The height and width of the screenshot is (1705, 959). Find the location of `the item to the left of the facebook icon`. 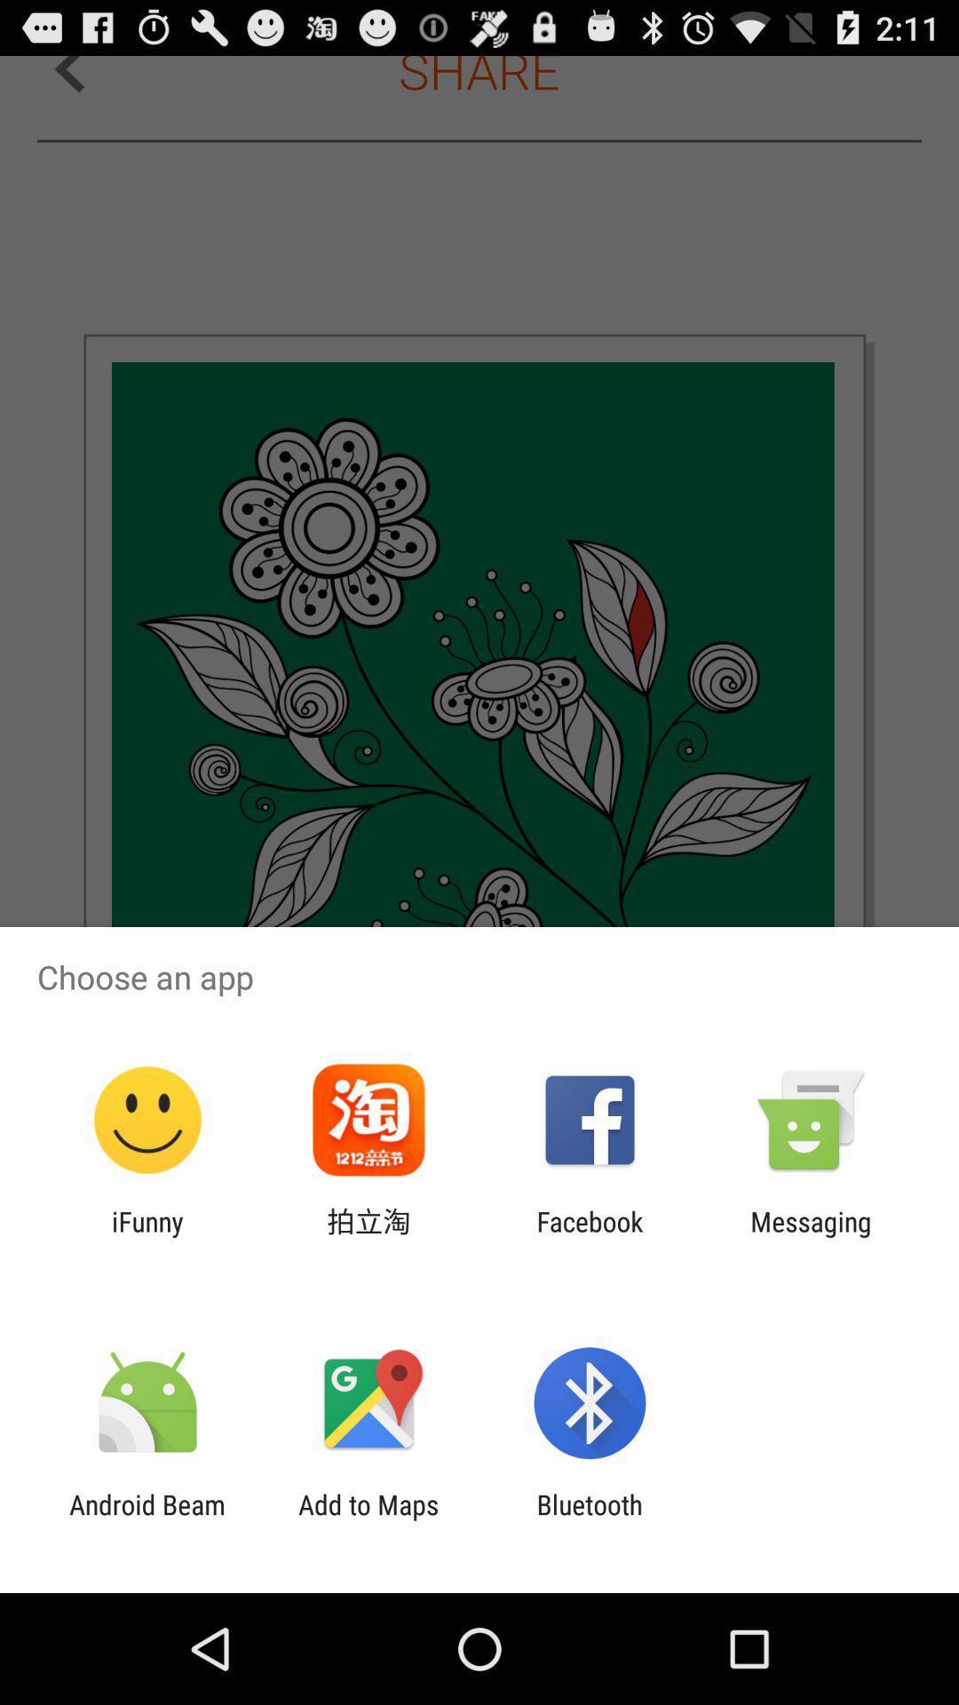

the item to the left of the facebook icon is located at coordinates (368, 1236).